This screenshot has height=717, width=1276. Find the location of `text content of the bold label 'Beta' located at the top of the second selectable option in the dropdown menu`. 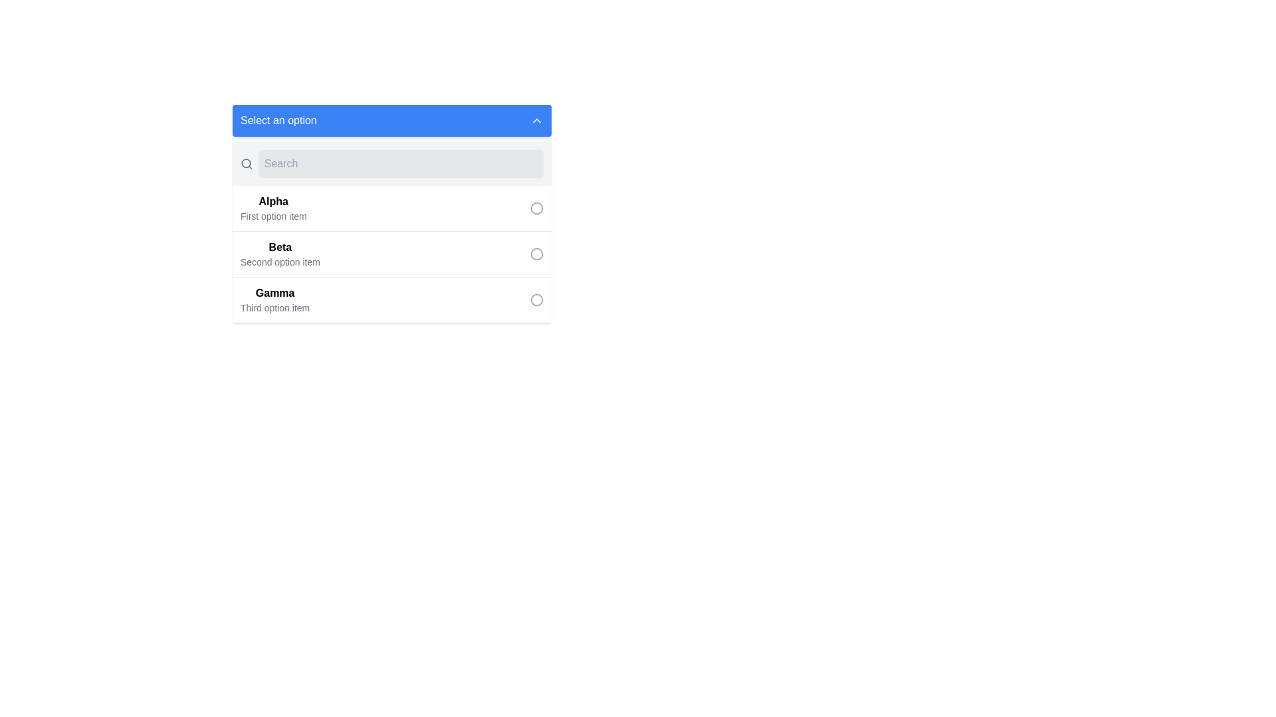

text content of the bold label 'Beta' located at the top of the second selectable option in the dropdown menu is located at coordinates (280, 248).